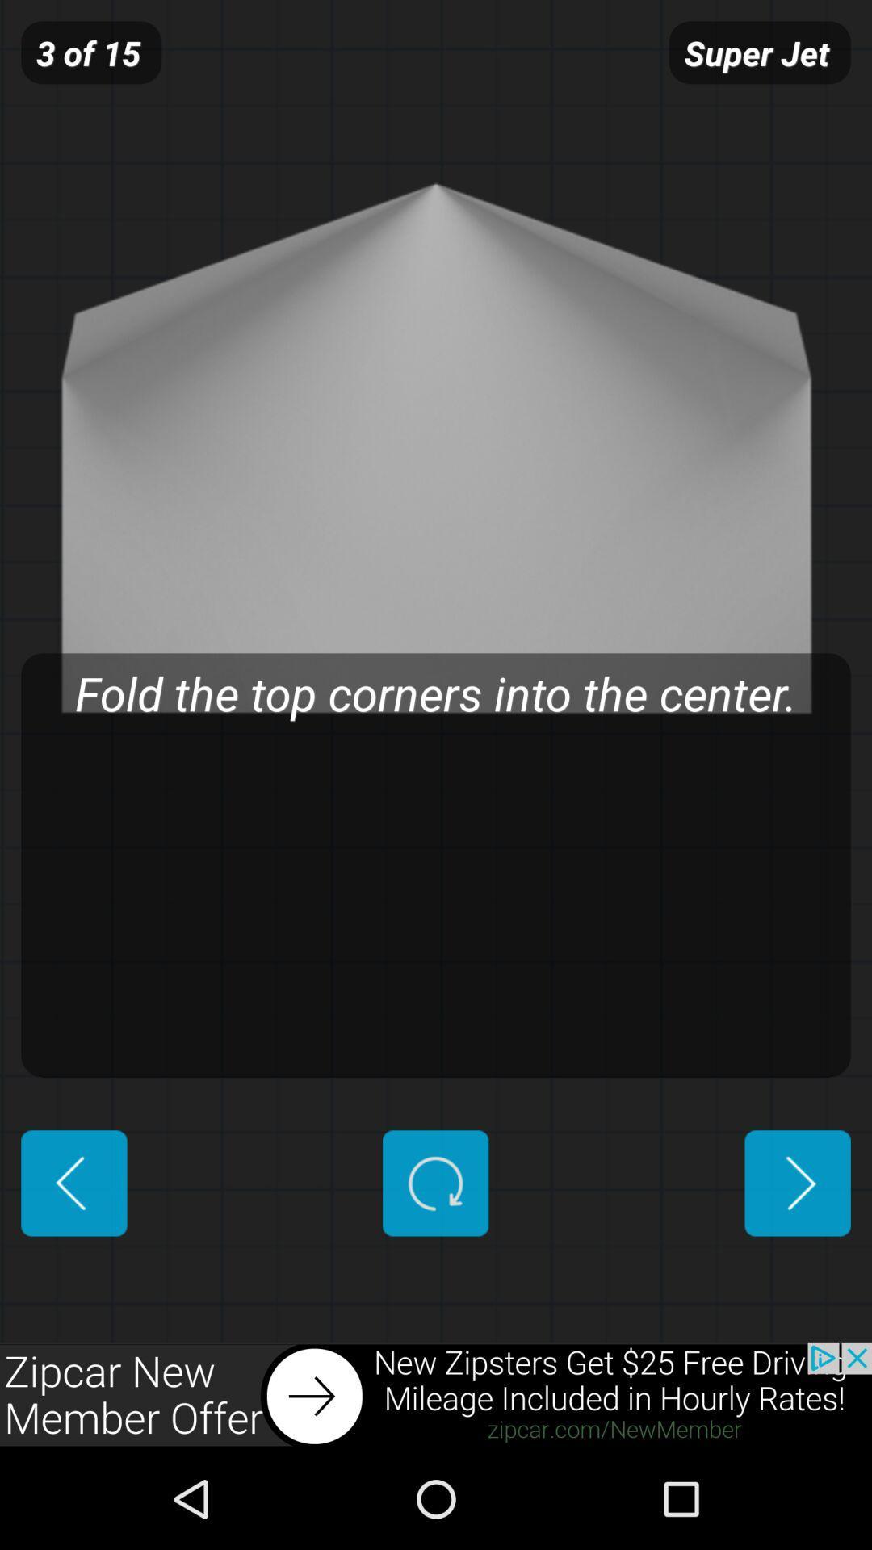  I want to click on the refresh icon, so click(434, 1265).